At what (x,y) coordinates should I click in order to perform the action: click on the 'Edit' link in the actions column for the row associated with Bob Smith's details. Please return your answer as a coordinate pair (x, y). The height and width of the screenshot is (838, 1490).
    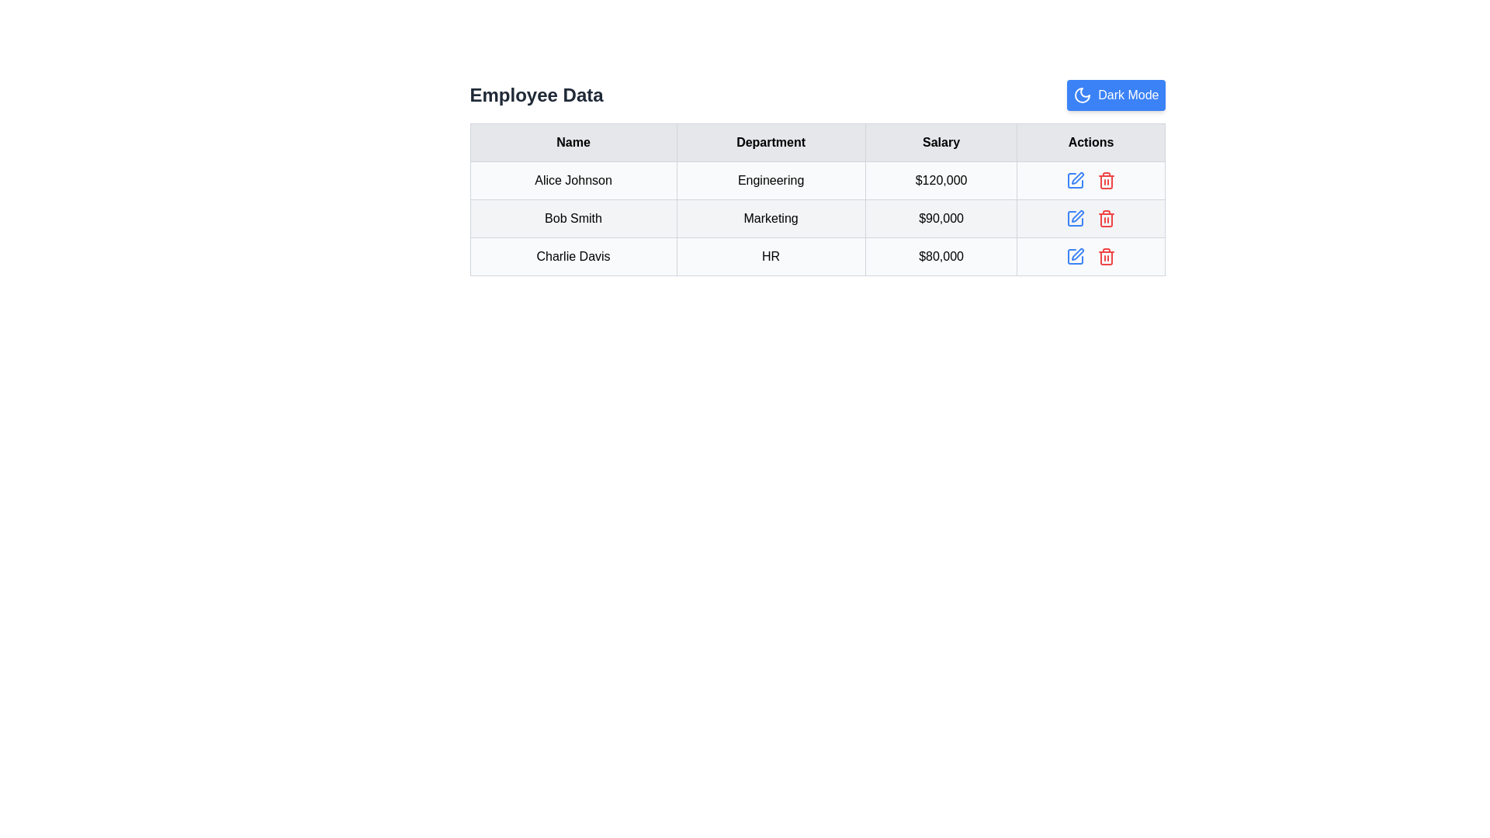
    Looking at the image, I should click on (1090, 218).